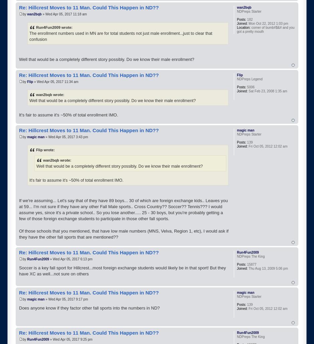 This screenshot has height=344, width=314. Describe the element at coordinates (122, 271) in the screenshot. I see `'Soccer is a key fall sport for Hillcrest...most foreign exchange students would likely be in that sport! But they have XC as well...not sure on others'` at that location.